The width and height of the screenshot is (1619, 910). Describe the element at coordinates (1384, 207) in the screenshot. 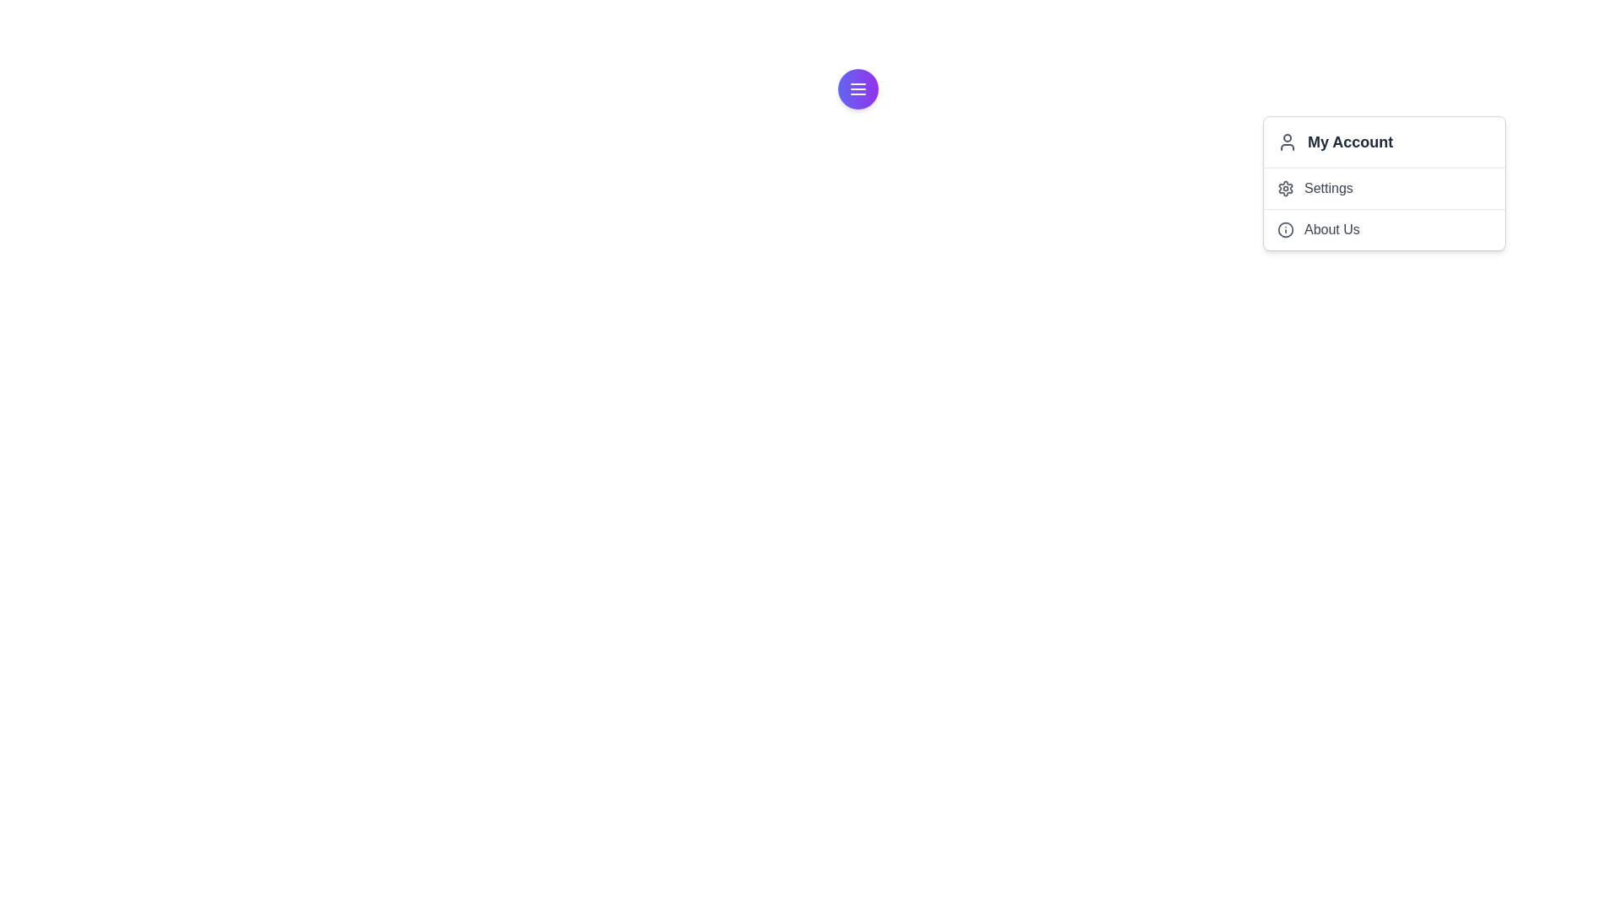

I see `the 'Settings' page by clicking on the 'Settings' entry in the dropdown menu labeled 'My Account'` at that location.